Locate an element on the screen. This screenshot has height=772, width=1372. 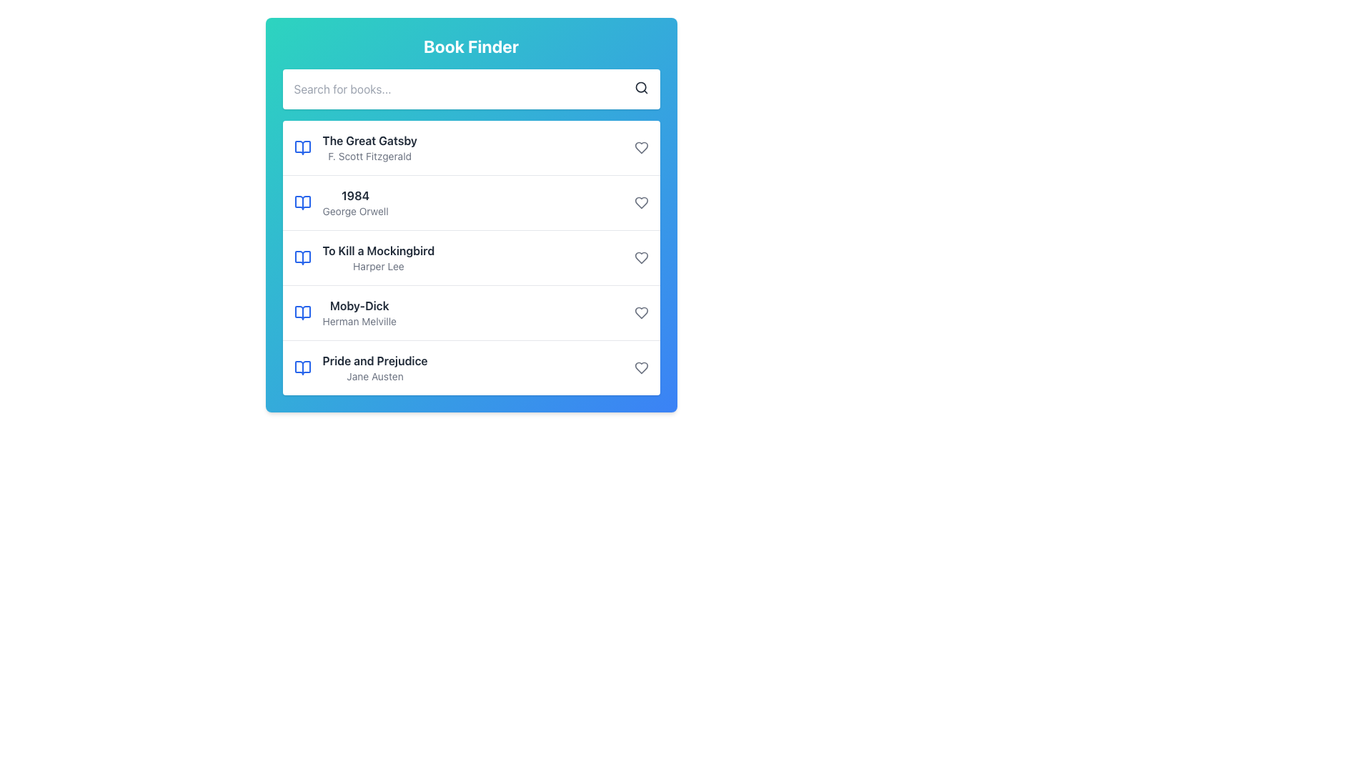
the text label displaying 'F. Scott Fitzgerald' which is positioned below the title 'The Great Gatsby' in small gray lettering is located at coordinates (369, 157).